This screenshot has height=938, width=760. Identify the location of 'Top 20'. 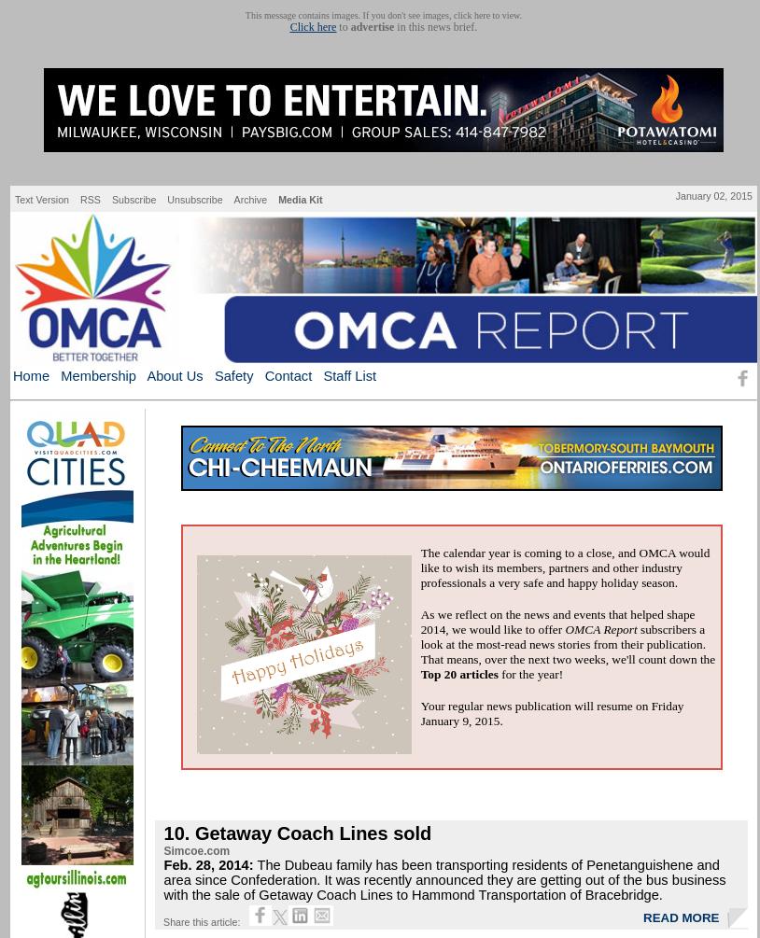
(437, 673).